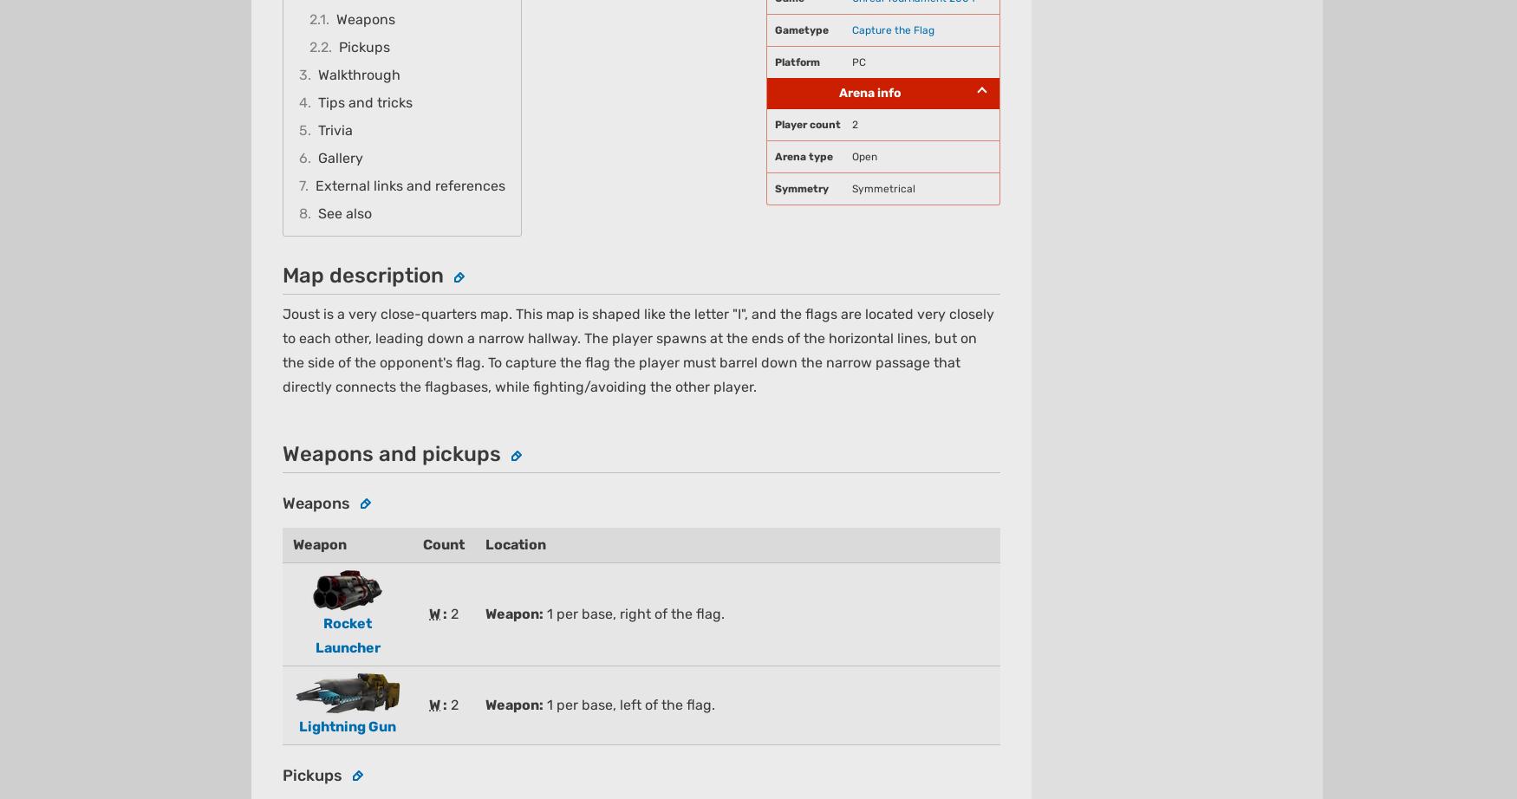 Image resolution: width=1517 pixels, height=799 pixels. Describe the element at coordinates (914, 15) in the screenshot. I see `'Expand'` at that location.